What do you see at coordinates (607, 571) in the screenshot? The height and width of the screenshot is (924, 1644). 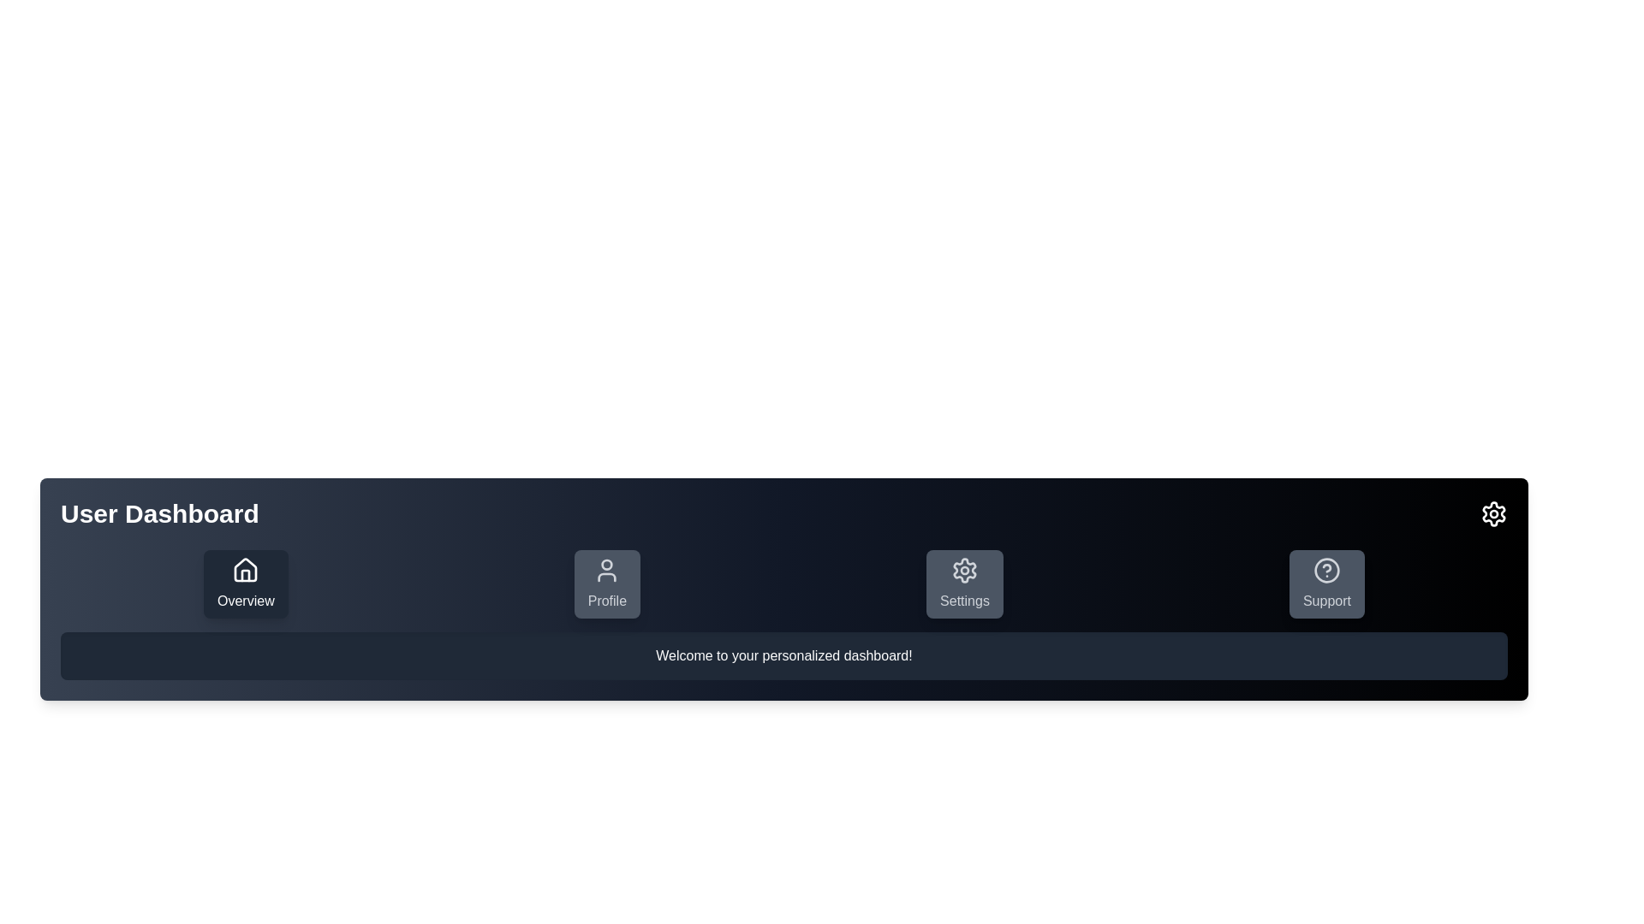 I see `the Profile Icon located in the navigation bar, which is the second button between Overview and Settings` at bounding box center [607, 571].